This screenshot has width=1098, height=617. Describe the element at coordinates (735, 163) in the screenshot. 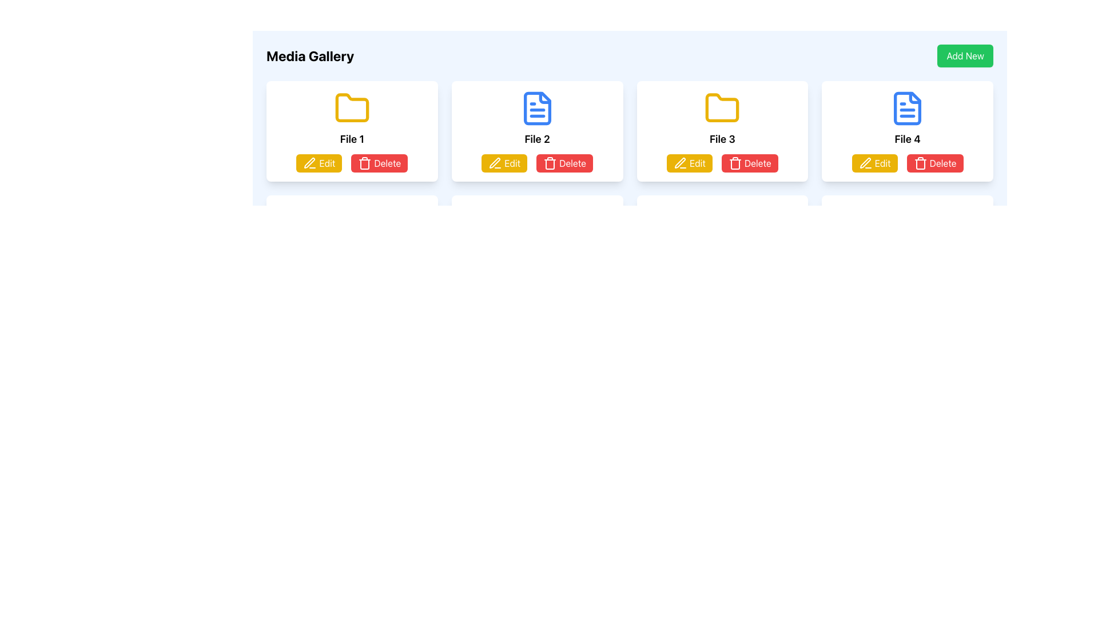

I see `the delete icon located on the left side of the red 'Delete' button, which is below the label 'File 3' in the third card of a horizontal row labeled 'File 1' to 'File 4'` at that location.